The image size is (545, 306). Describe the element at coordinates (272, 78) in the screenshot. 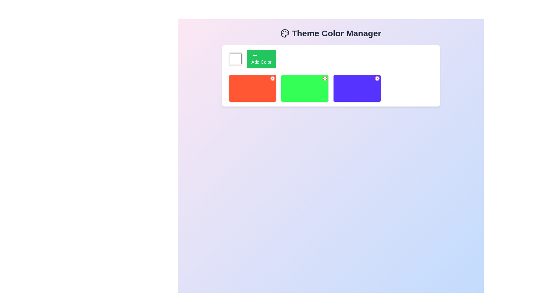

I see `the button located in the top-right corner of the red rectangular card that is displayed in the middle section of the interface` at that location.